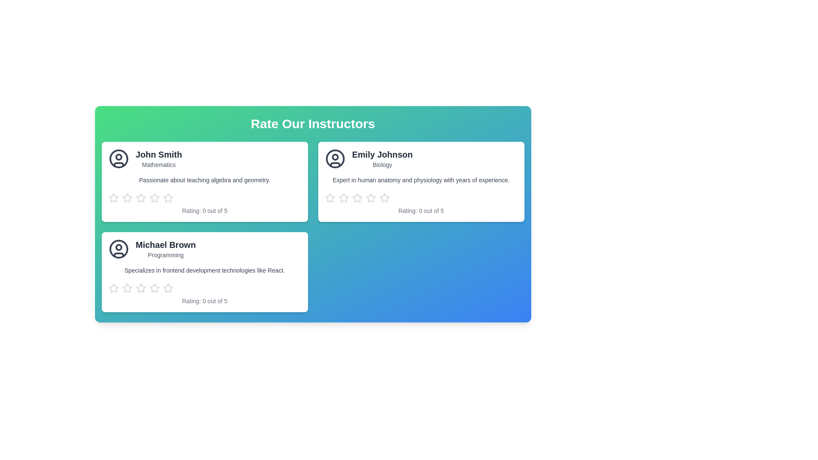  What do you see at coordinates (421, 181) in the screenshot?
I see `information displayed on the Profile card, which is the second card in a grid layout located on the top right of the grid` at bounding box center [421, 181].